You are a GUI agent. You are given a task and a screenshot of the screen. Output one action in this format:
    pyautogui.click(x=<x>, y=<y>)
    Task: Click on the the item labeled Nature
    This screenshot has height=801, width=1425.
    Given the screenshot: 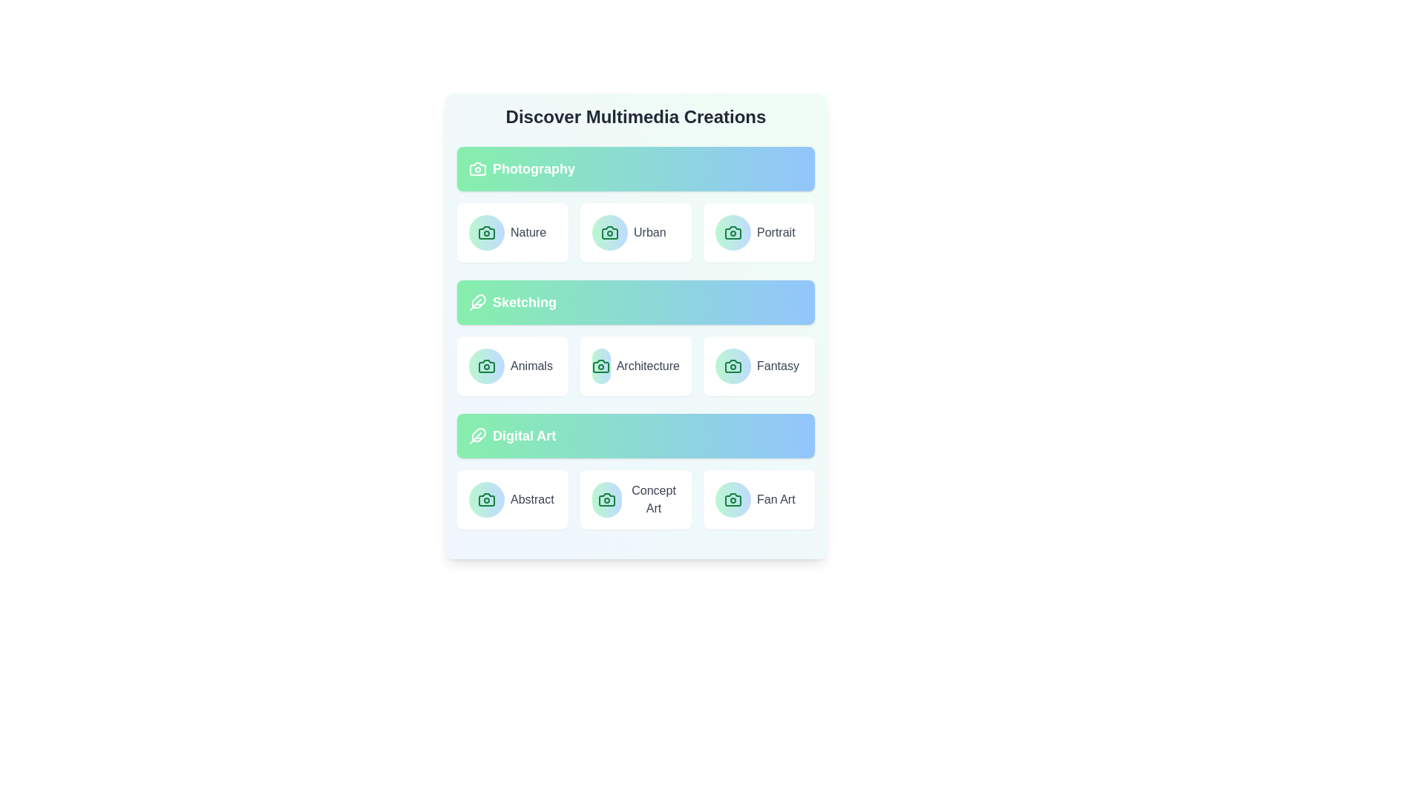 What is the action you would take?
    pyautogui.click(x=513, y=232)
    